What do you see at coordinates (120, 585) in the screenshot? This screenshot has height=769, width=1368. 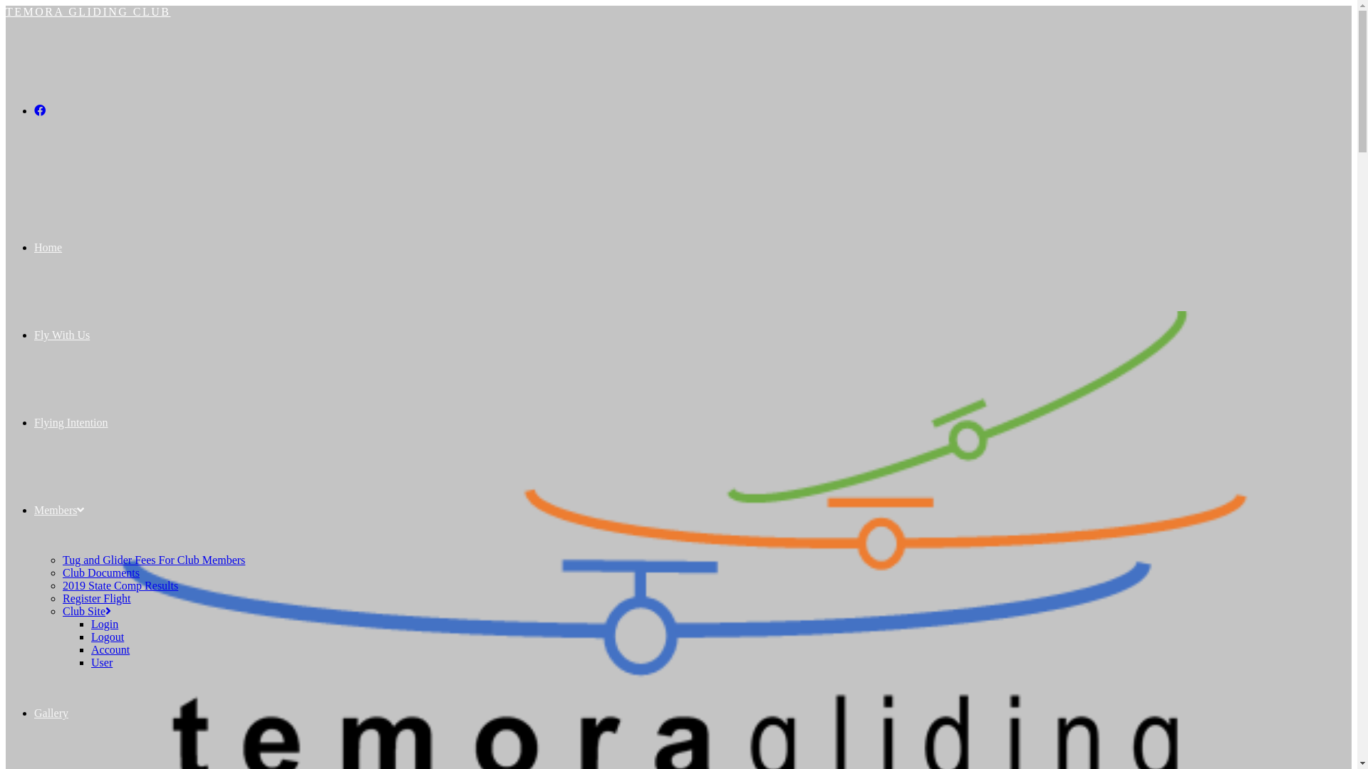 I see `'2019 State Comp Results'` at bounding box center [120, 585].